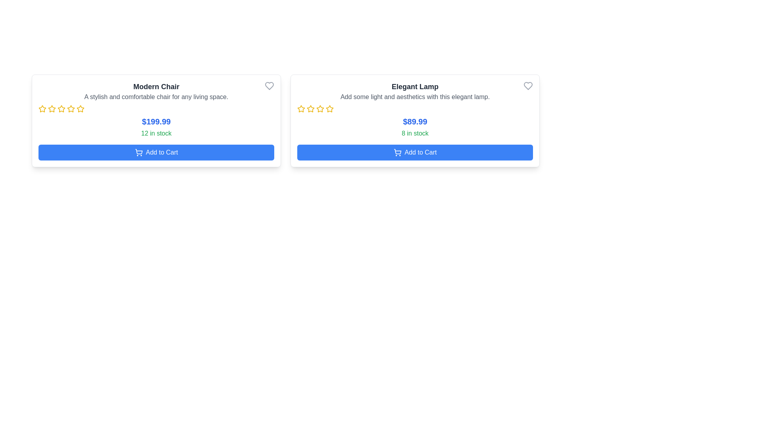 The width and height of the screenshot is (762, 428). I want to click on the text element that reads 'Add some light and aesthetics with this elegant lamp.', which is styled in gray and located directly below the title 'Elegant Lamp', so click(415, 97).